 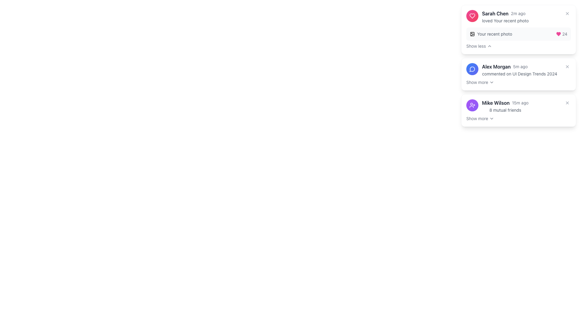 What do you see at coordinates (505, 110) in the screenshot?
I see `number of mutual friends displayed in the text label '8 mutual friends' located beneath the name 'Mike Wilson' in the notification card` at bounding box center [505, 110].